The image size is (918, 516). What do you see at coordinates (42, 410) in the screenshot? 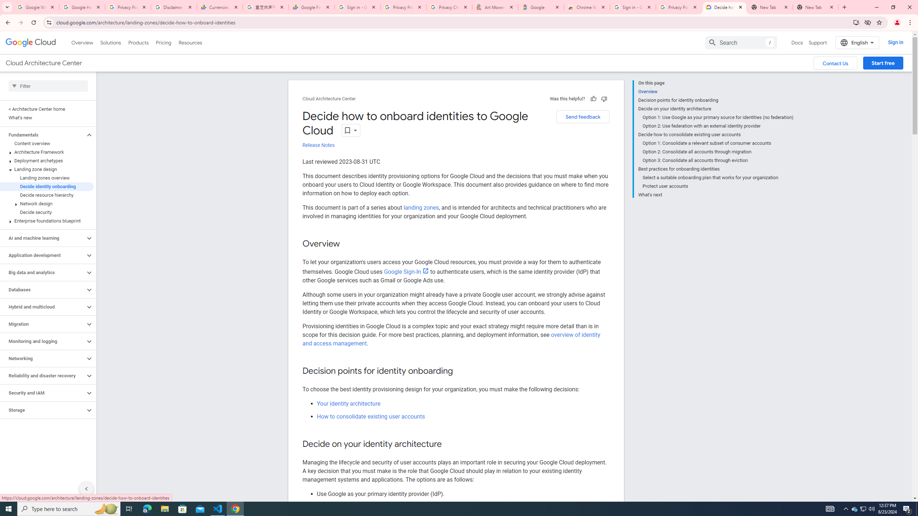
I see `'Storage'` at bounding box center [42, 410].